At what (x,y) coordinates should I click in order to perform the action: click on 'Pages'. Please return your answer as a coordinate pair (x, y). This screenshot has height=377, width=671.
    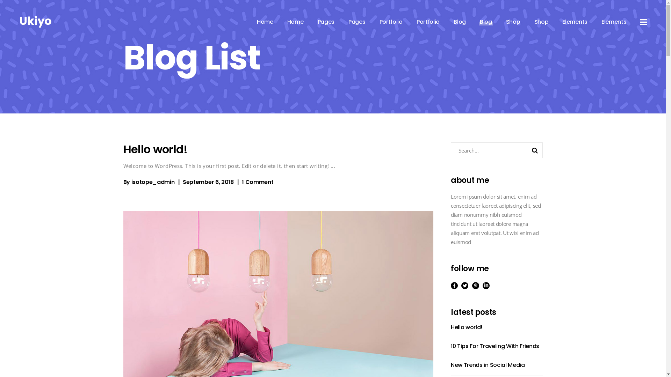
    Looking at the image, I should click on (325, 21).